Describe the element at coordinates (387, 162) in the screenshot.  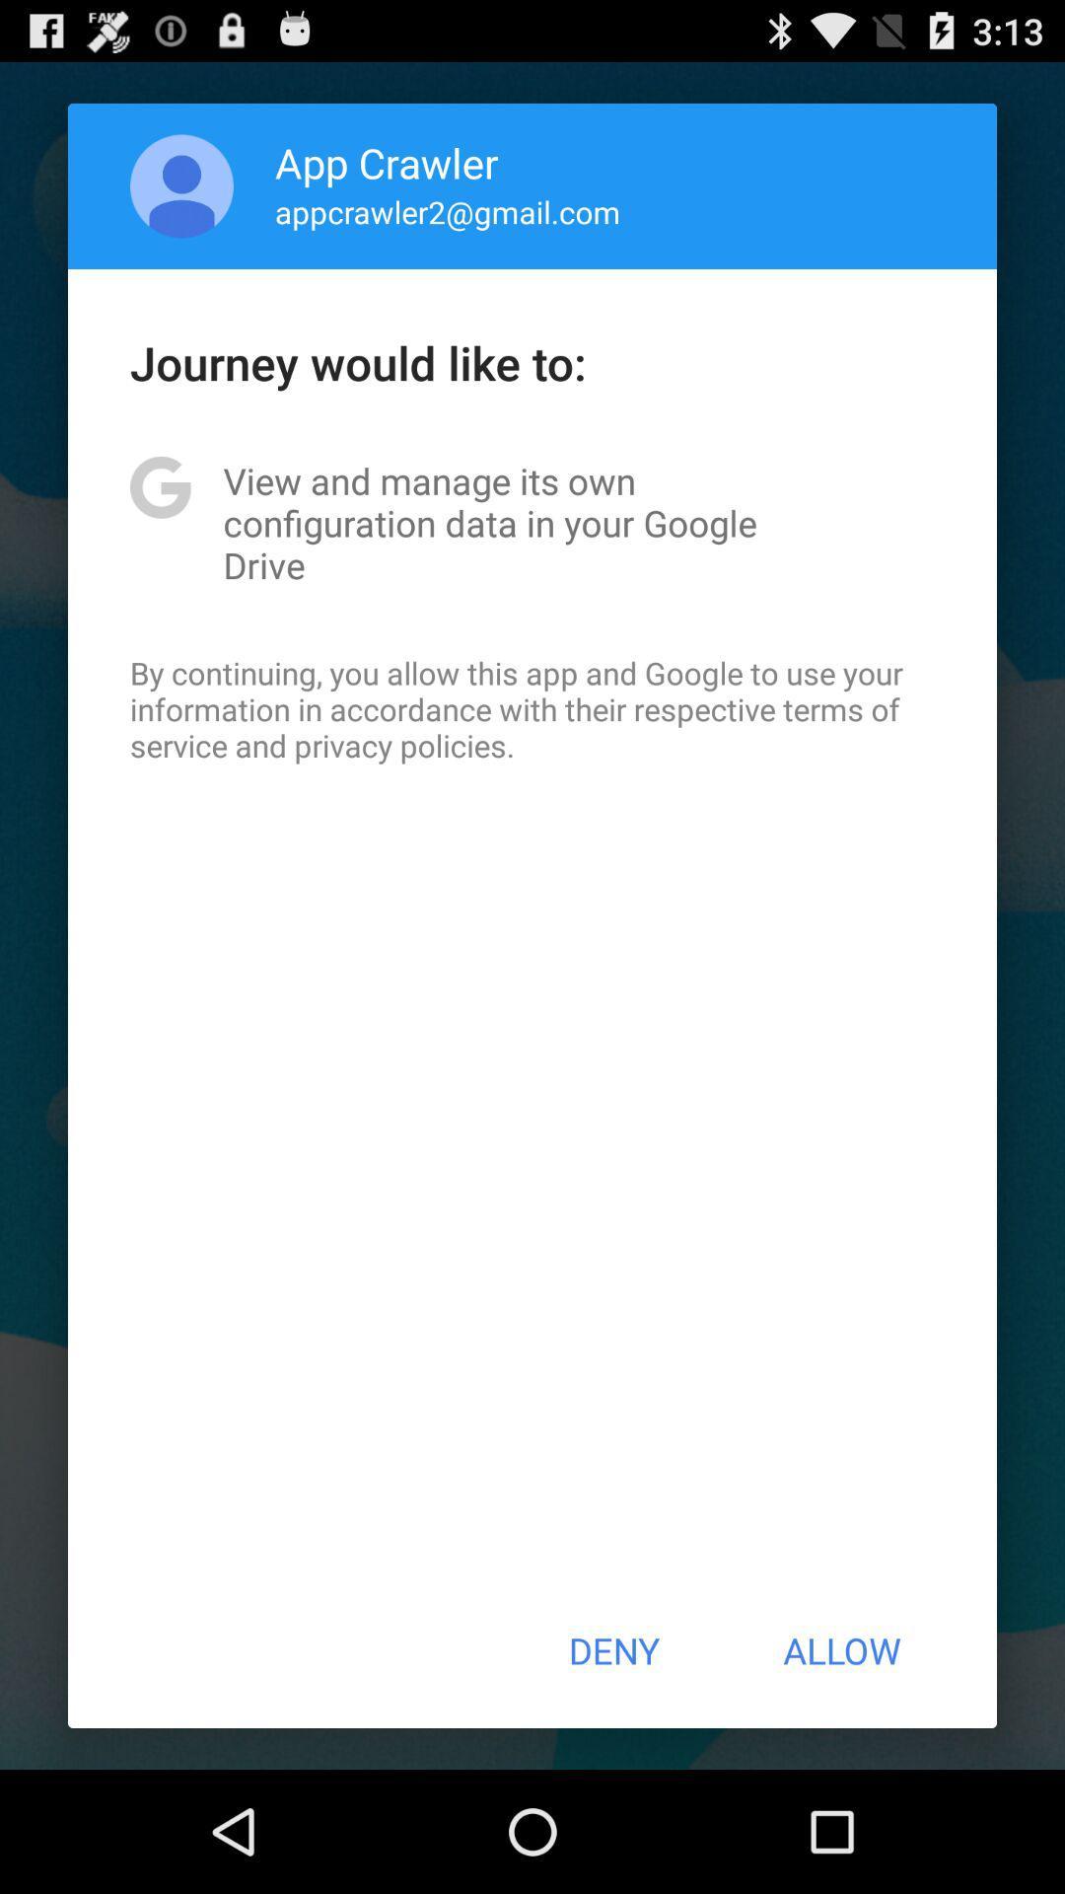
I see `app crawler` at that location.